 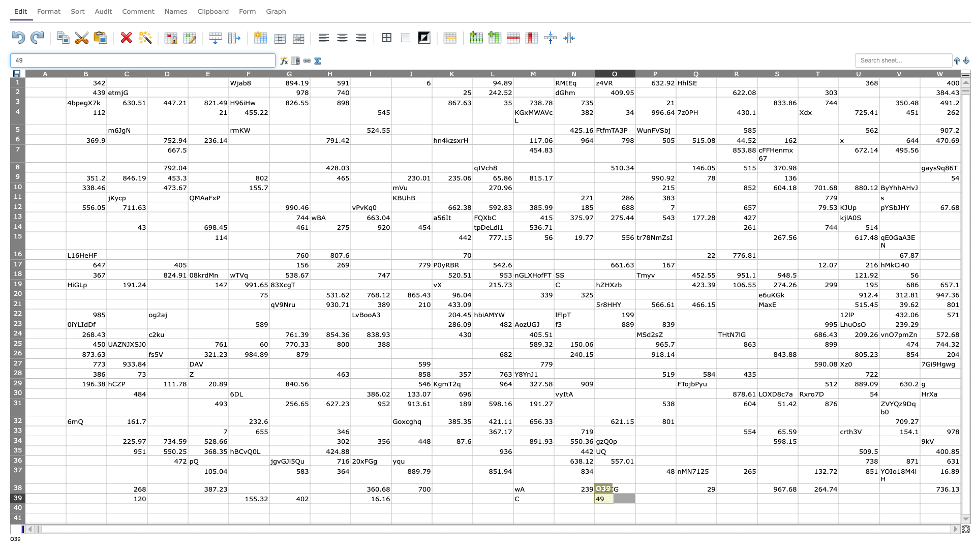 What do you see at coordinates (676, 498) in the screenshot?
I see `Left side boundary of Q39` at bounding box center [676, 498].